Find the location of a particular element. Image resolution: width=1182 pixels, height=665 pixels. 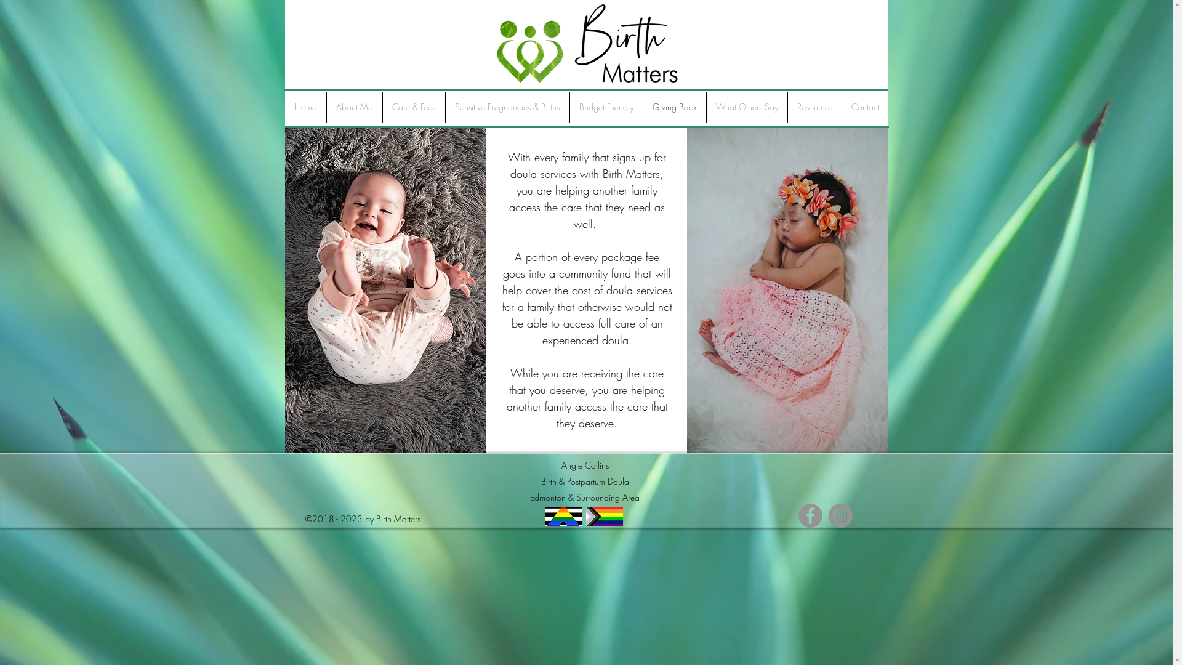

'Sensitive Pregnancies & Births' is located at coordinates (507, 106).